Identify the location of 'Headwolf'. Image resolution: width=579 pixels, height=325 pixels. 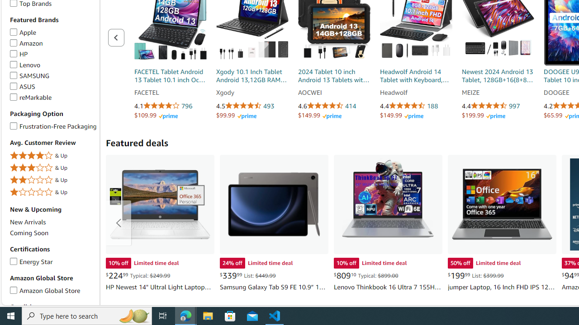
(415, 93).